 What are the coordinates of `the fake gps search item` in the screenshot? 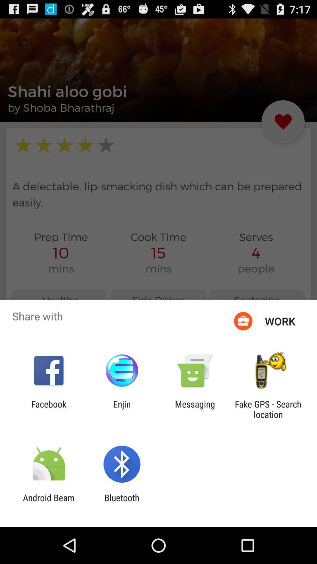 It's located at (268, 409).